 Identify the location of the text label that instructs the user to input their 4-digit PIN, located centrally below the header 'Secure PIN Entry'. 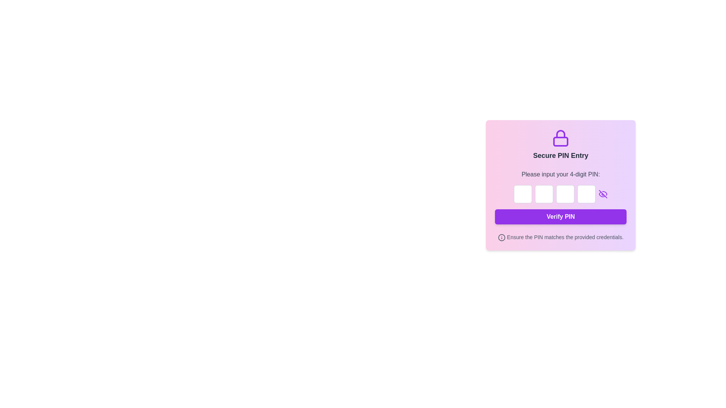
(561, 175).